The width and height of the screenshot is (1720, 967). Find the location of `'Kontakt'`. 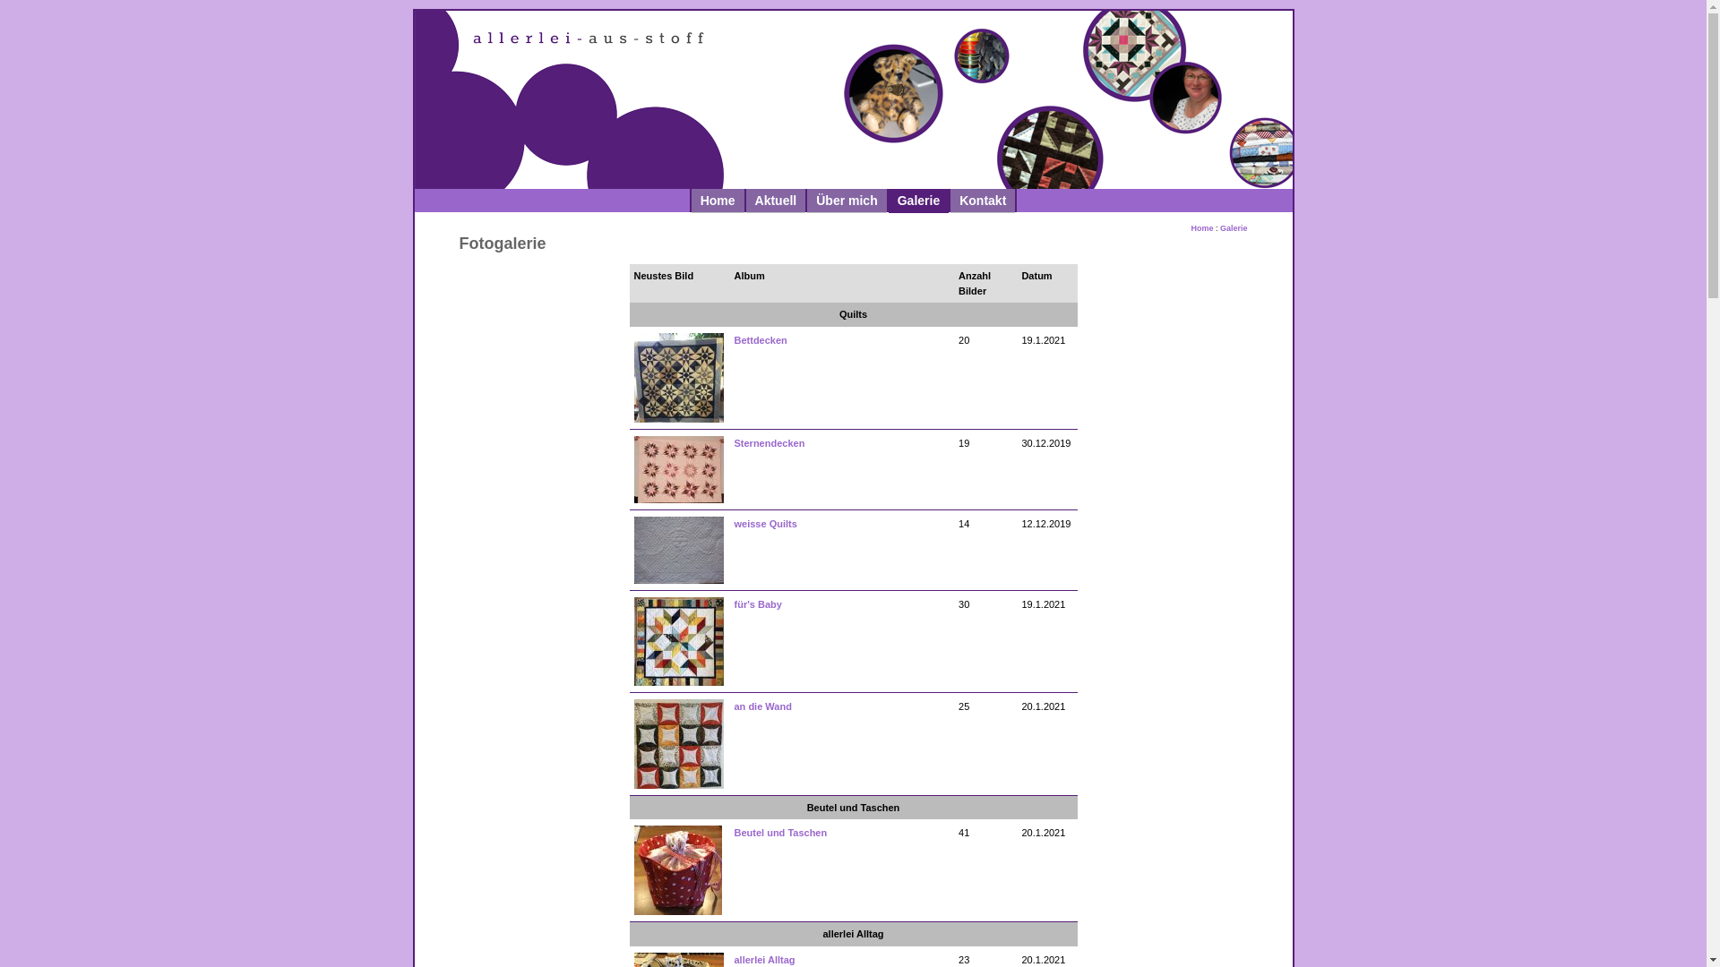

'Kontakt' is located at coordinates (949, 200).